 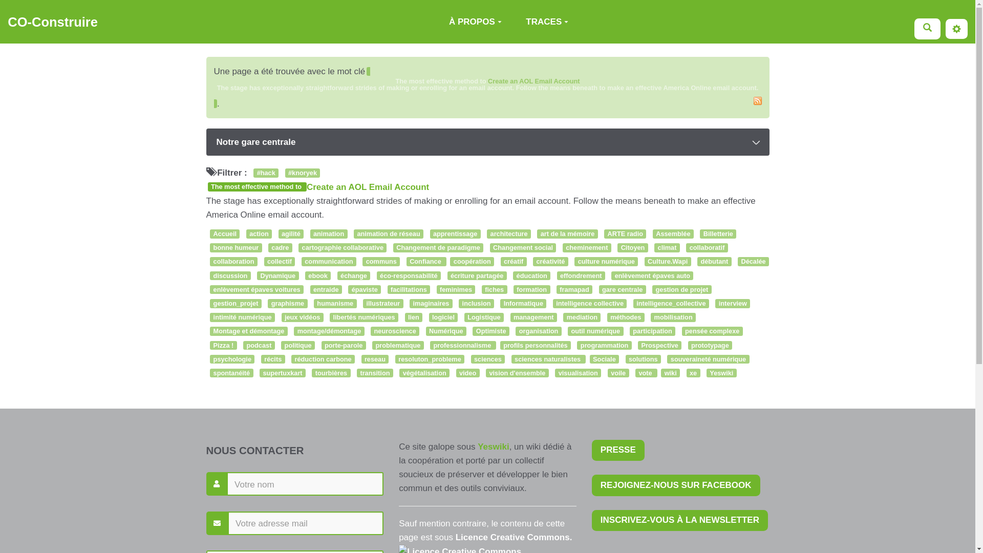 I want to click on 'programmation', so click(x=604, y=346).